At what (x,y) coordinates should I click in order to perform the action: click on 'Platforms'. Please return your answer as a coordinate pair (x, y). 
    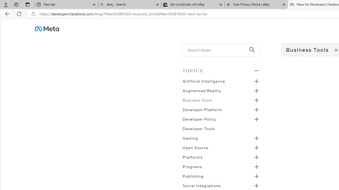
    Looking at the image, I should click on (192, 156).